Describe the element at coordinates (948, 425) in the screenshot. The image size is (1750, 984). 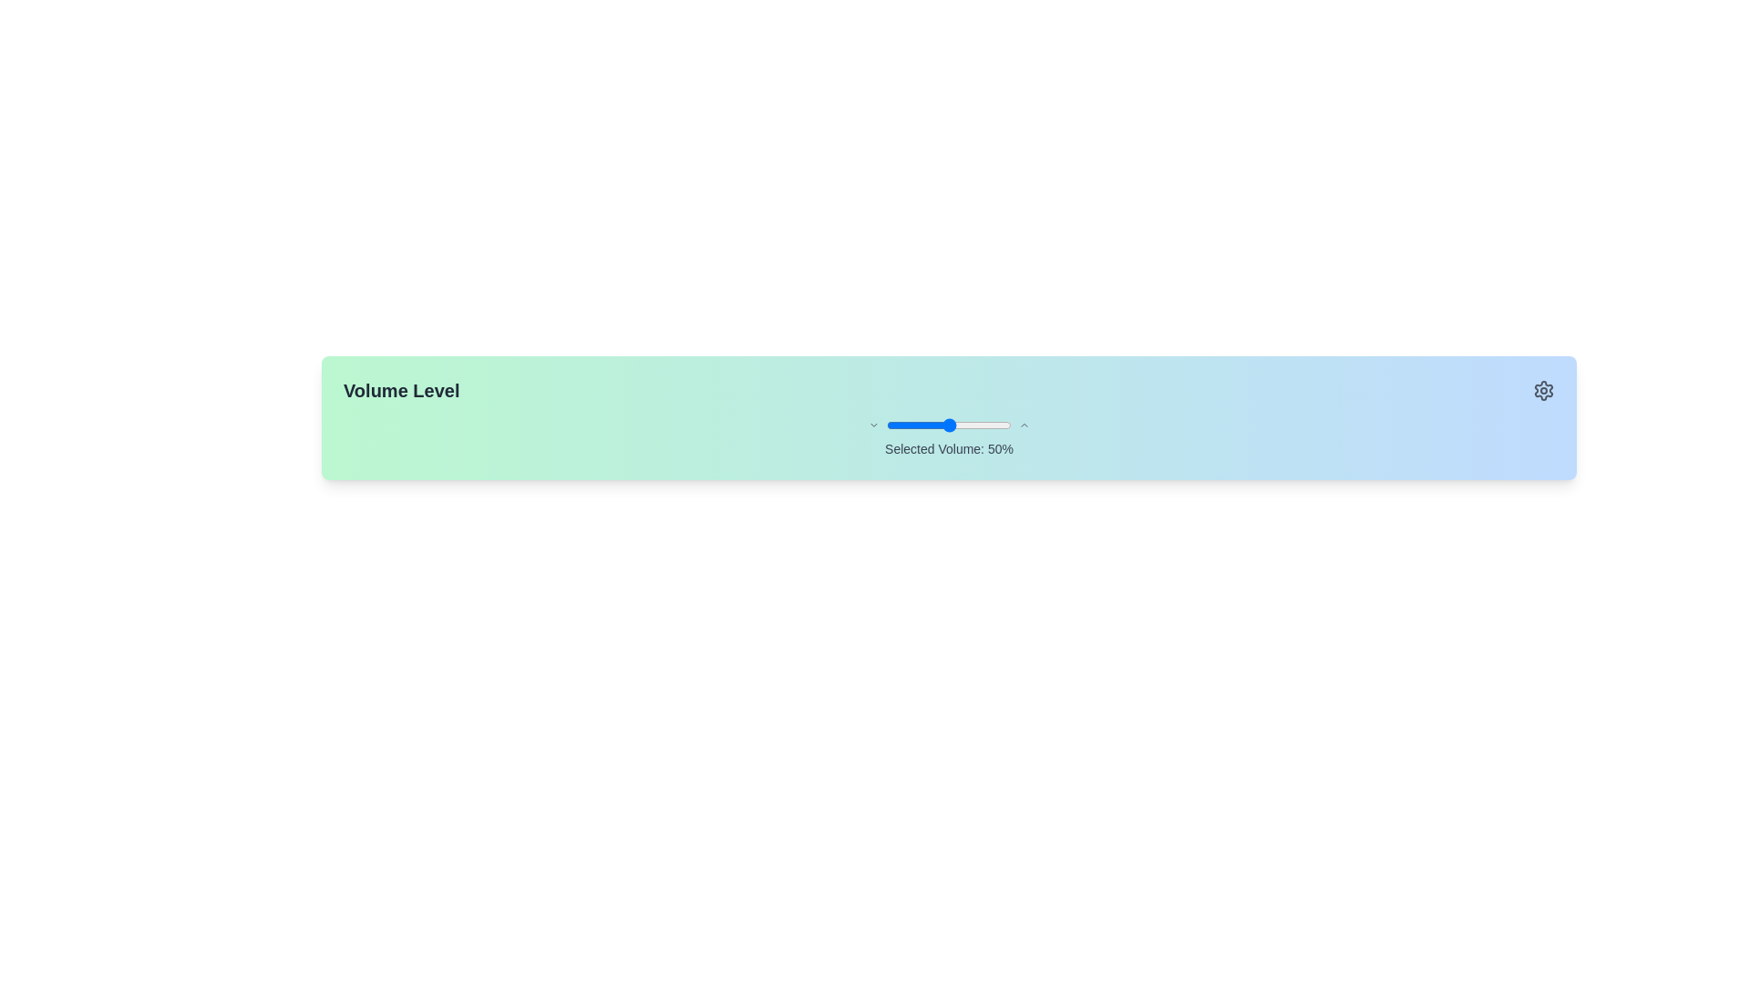
I see `the volume control slider located in the middle of the widget labeled 'Selected Volume: 50%'` at that location.